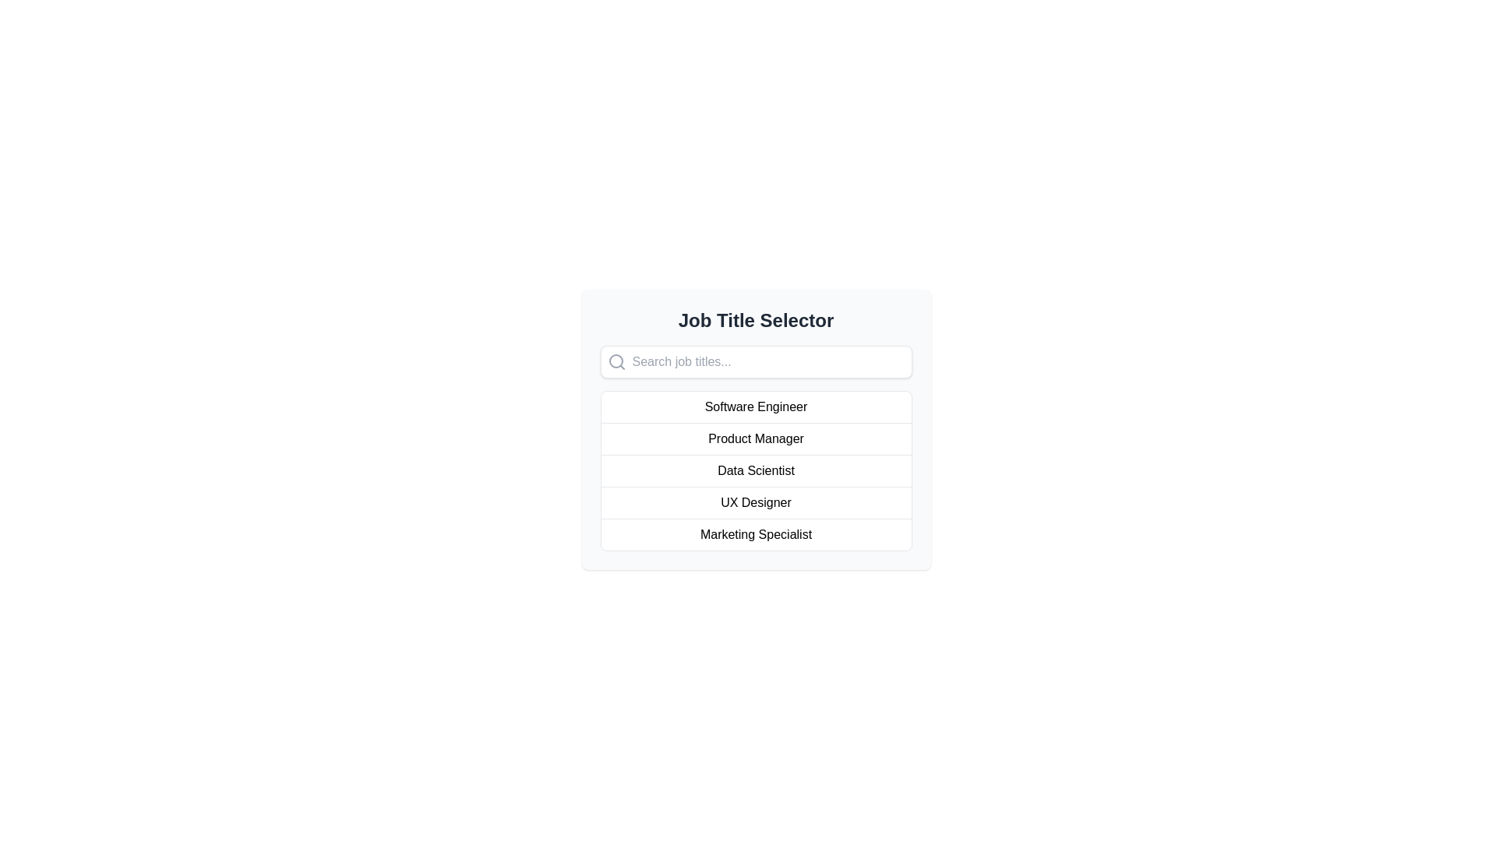 The height and width of the screenshot is (841, 1496). I want to click on to select the 'Product Manager' job title from the second item in the vertical list of job titles, so click(756, 438).